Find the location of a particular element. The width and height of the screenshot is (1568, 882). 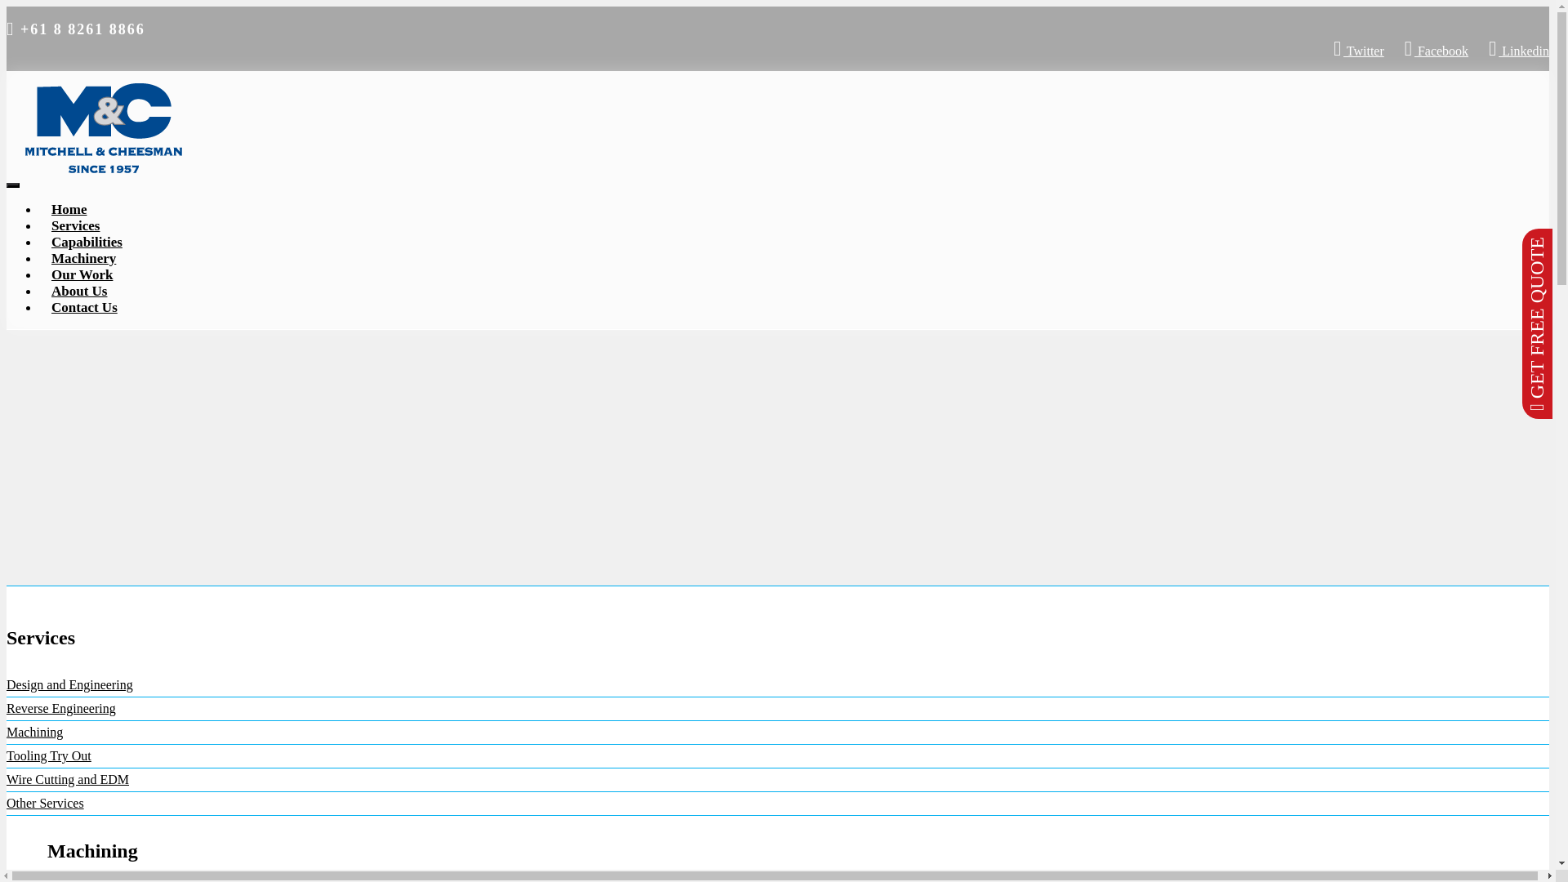

'Mitchell & Cheesman' is located at coordinates (23, 127).